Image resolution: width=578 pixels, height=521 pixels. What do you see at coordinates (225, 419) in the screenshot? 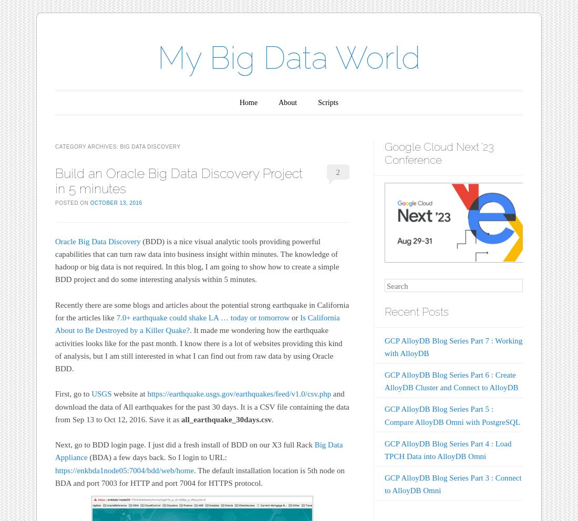
I see `'all_earthquake_30days.csv'` at bounding box center [225, 419].